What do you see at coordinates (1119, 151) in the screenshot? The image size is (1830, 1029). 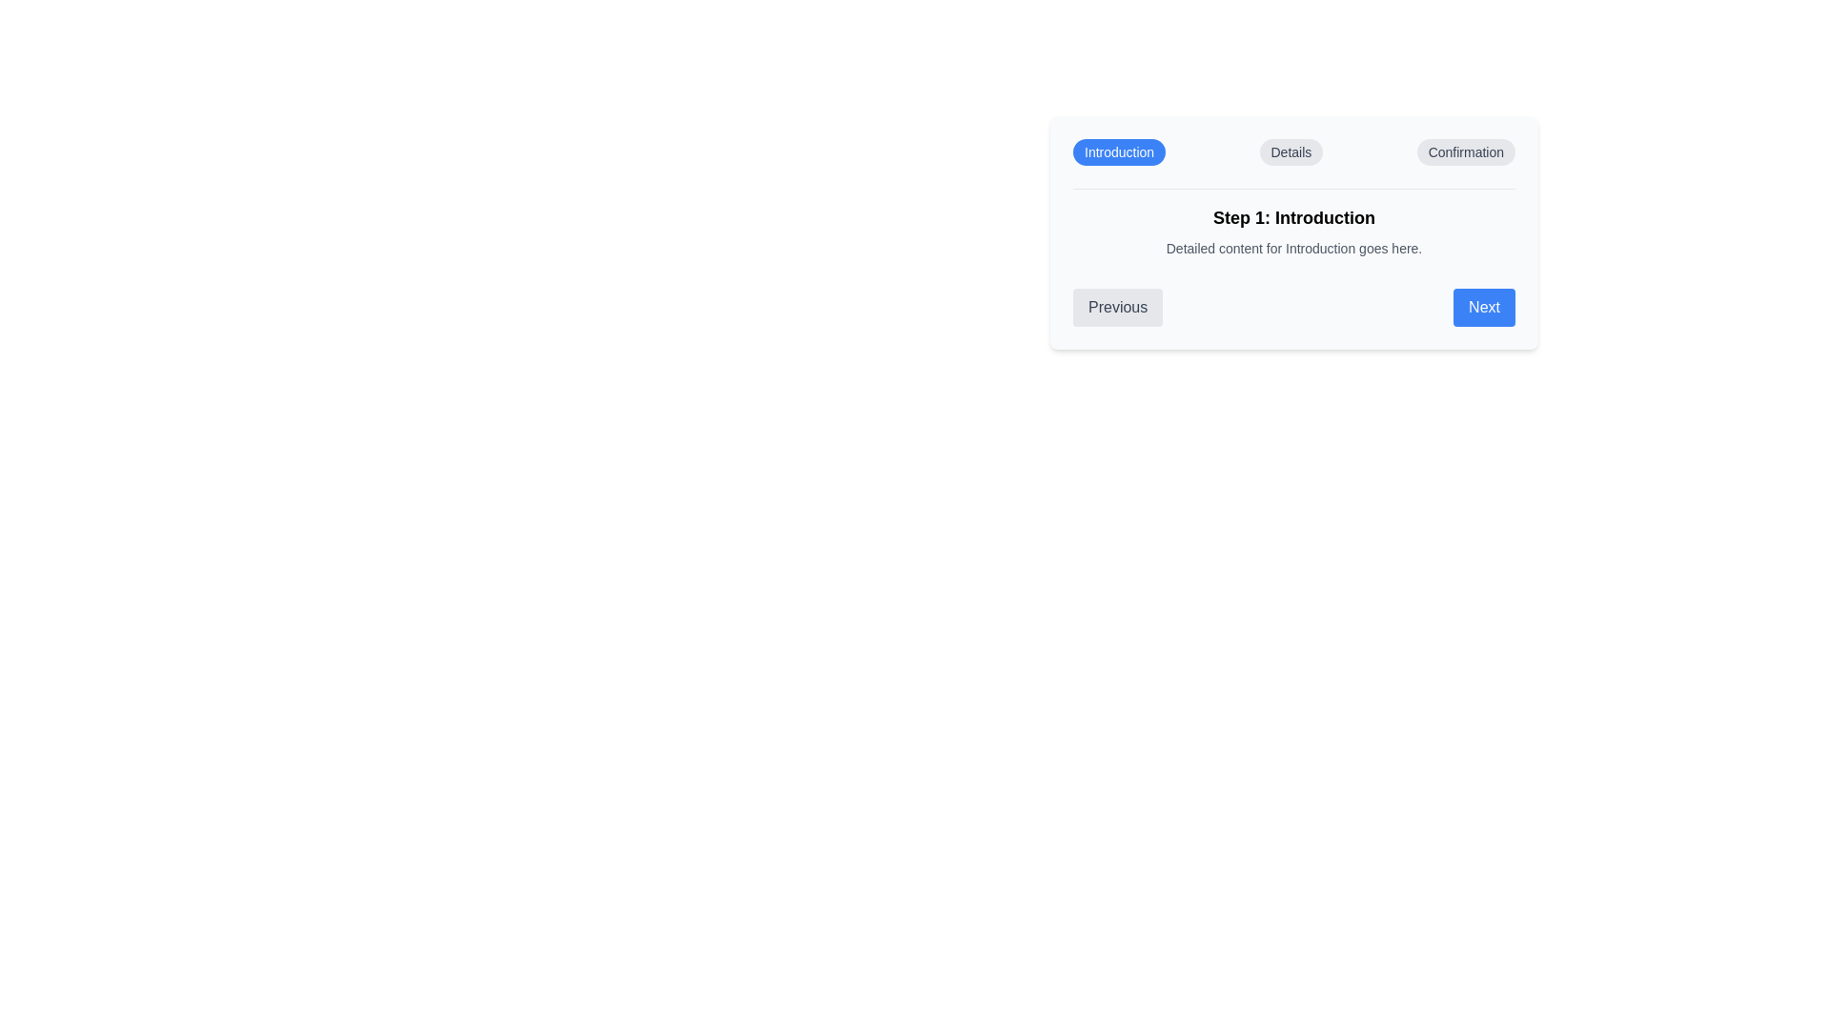 I see `the label of the step Introduction to navigate to that step` at bounding box center [1119, 151].